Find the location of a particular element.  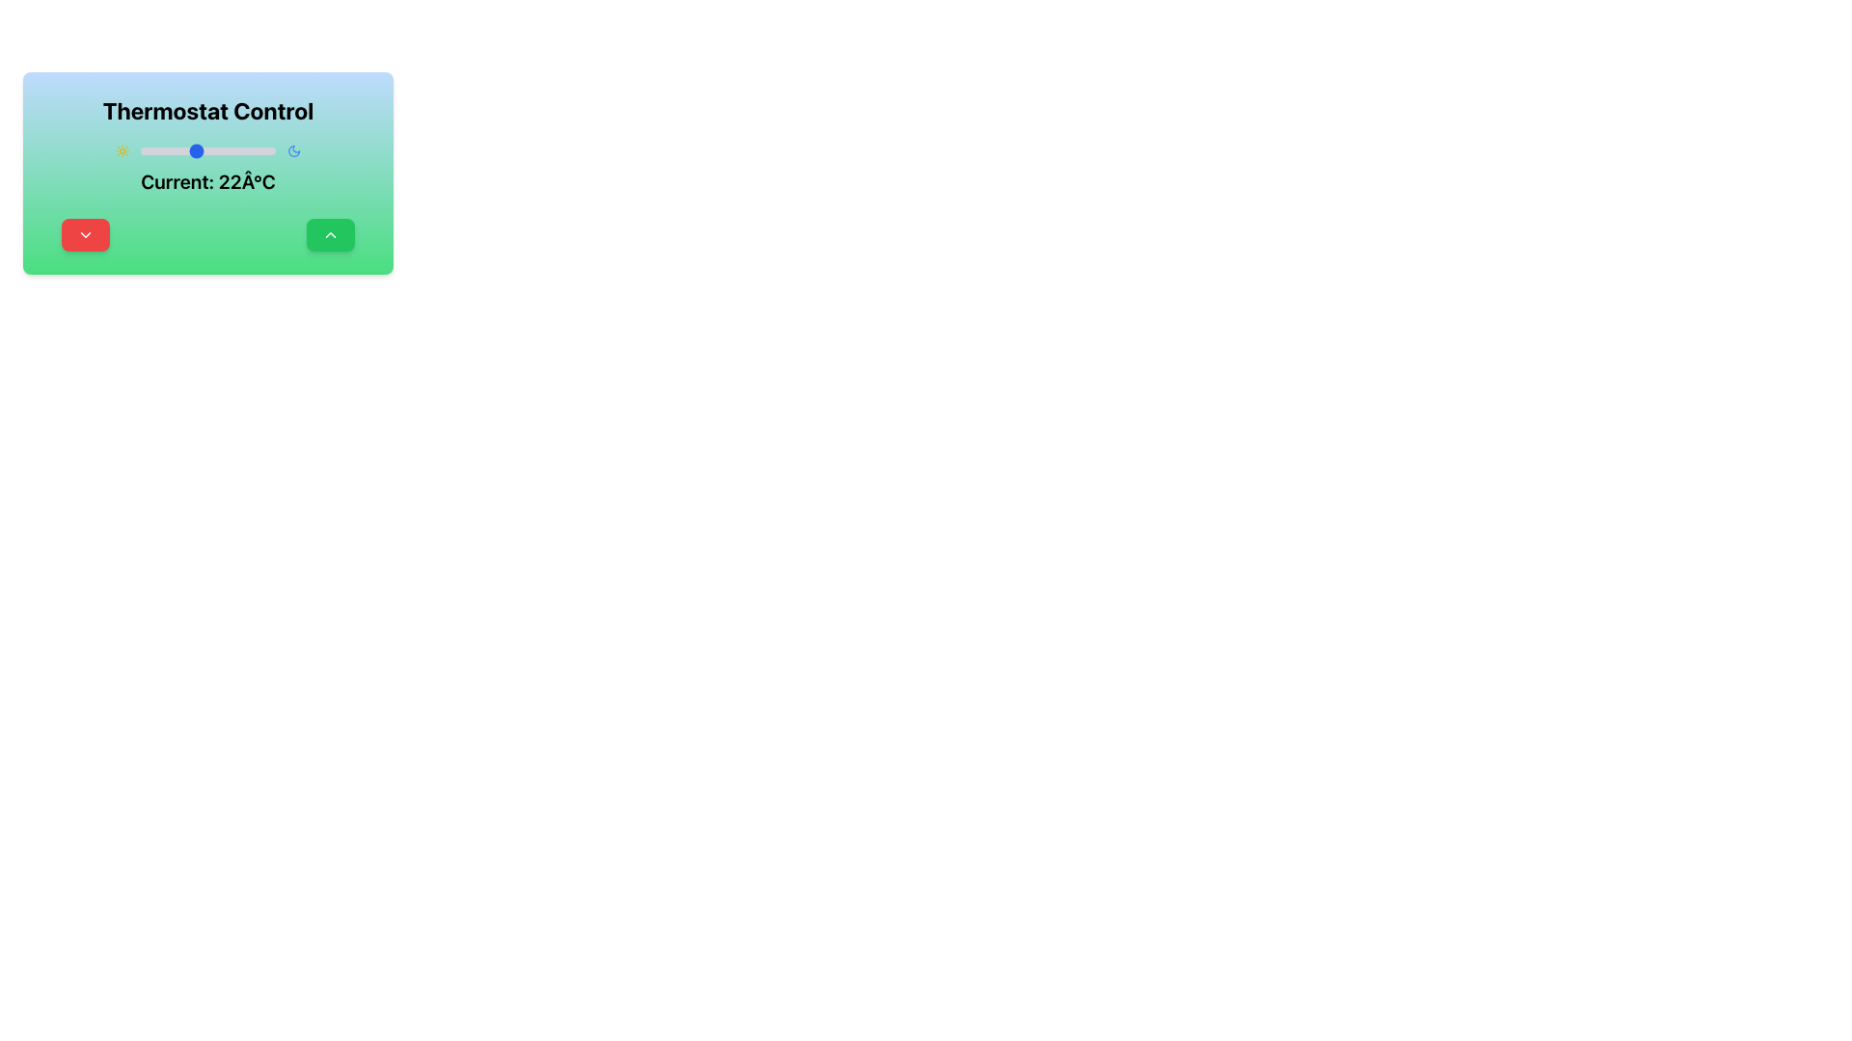

thermostat temperature is located at coordinates (139, 150).